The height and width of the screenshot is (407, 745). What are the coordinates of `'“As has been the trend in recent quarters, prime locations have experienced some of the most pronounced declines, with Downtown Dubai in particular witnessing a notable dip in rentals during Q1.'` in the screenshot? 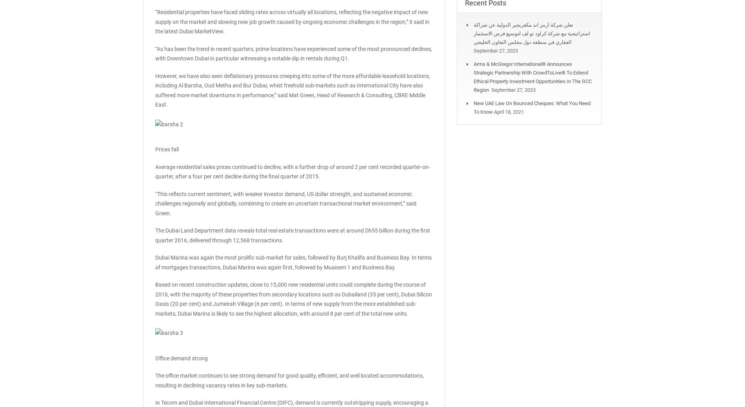 It's located at (293, 53).